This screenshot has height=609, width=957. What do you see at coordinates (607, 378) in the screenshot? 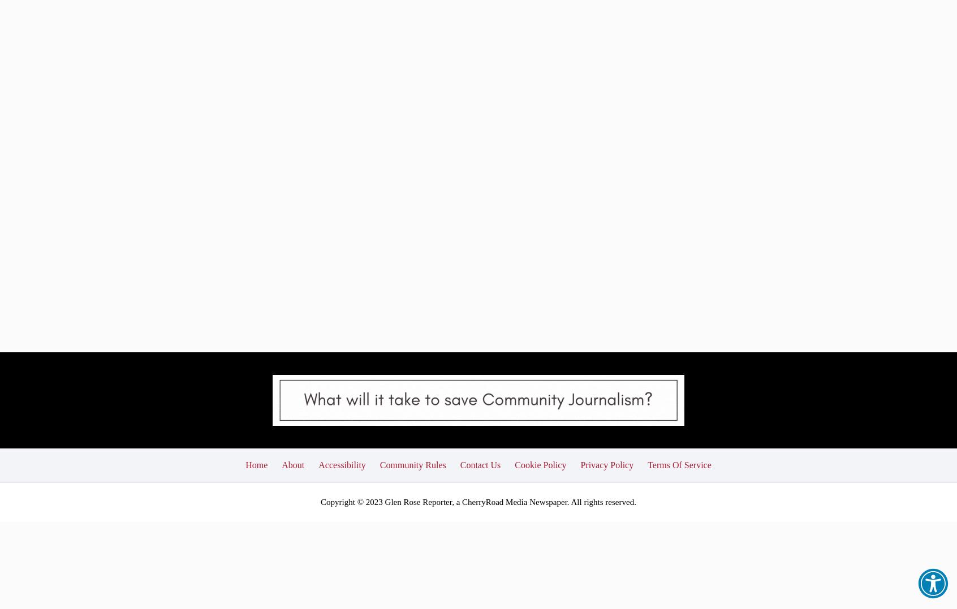
I see `'Privacy Policy'` at bounding box center [607, 378].